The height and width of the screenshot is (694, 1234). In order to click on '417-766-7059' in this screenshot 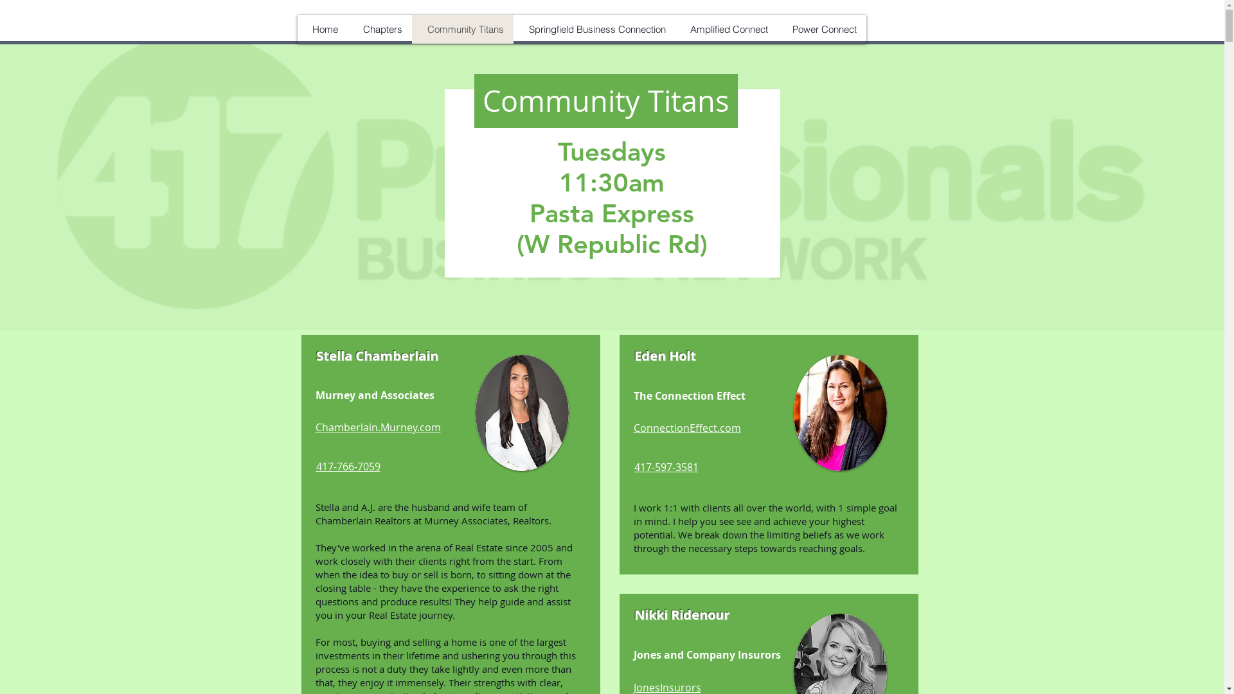, I will do `click(348, 466)`.